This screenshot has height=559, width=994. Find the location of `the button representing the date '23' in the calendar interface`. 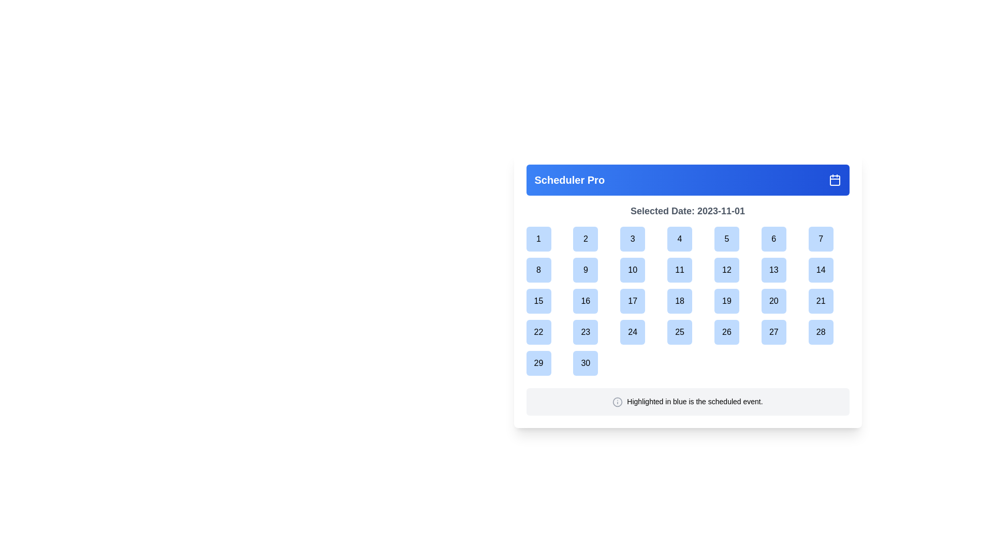

the button representing the date '23' in the calendar interface is located at coordinates (593, 332).